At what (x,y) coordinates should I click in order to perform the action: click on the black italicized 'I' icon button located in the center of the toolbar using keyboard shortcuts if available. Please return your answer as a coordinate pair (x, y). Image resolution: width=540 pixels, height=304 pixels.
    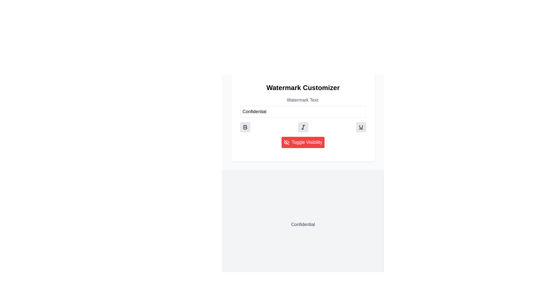
    Looking at the image, I should click on (303, 127).